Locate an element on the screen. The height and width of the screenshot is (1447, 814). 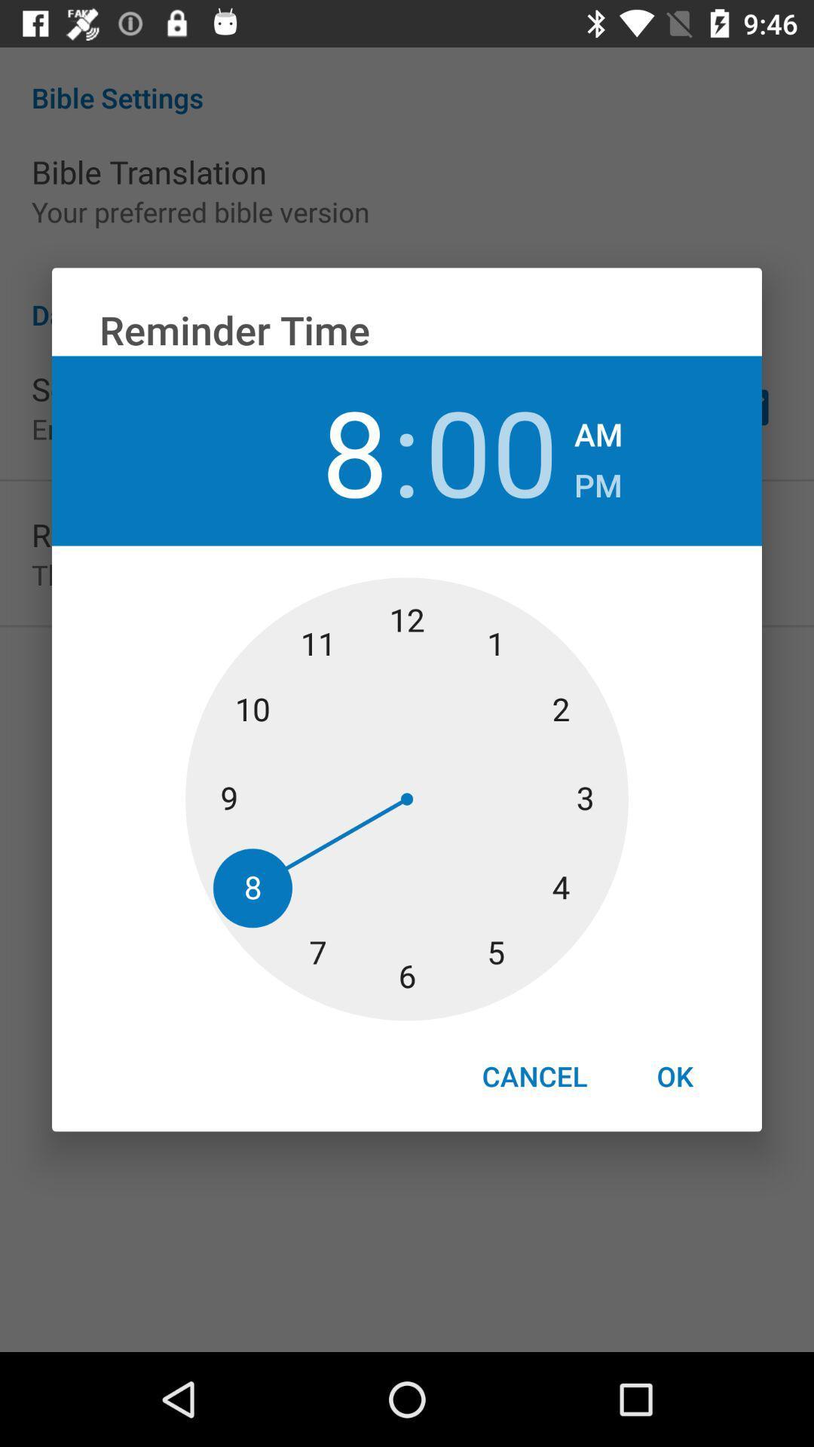
the am icon is located at coordinates (598, 429).